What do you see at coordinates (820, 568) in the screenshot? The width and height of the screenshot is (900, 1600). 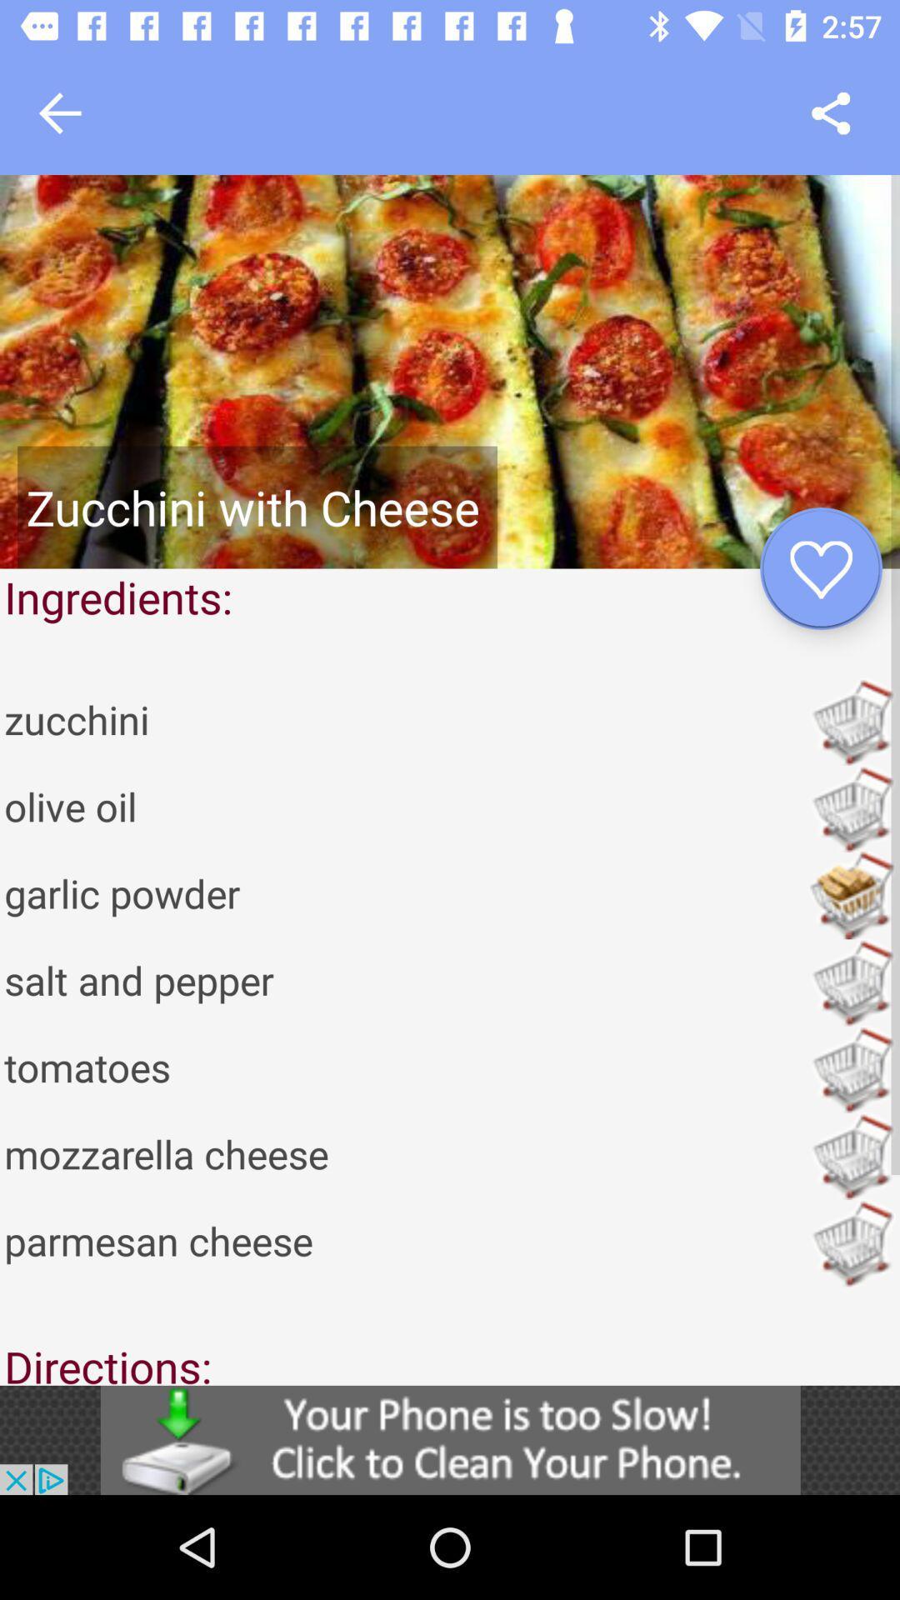 I see `favourite` at bounding box center [820, 568].